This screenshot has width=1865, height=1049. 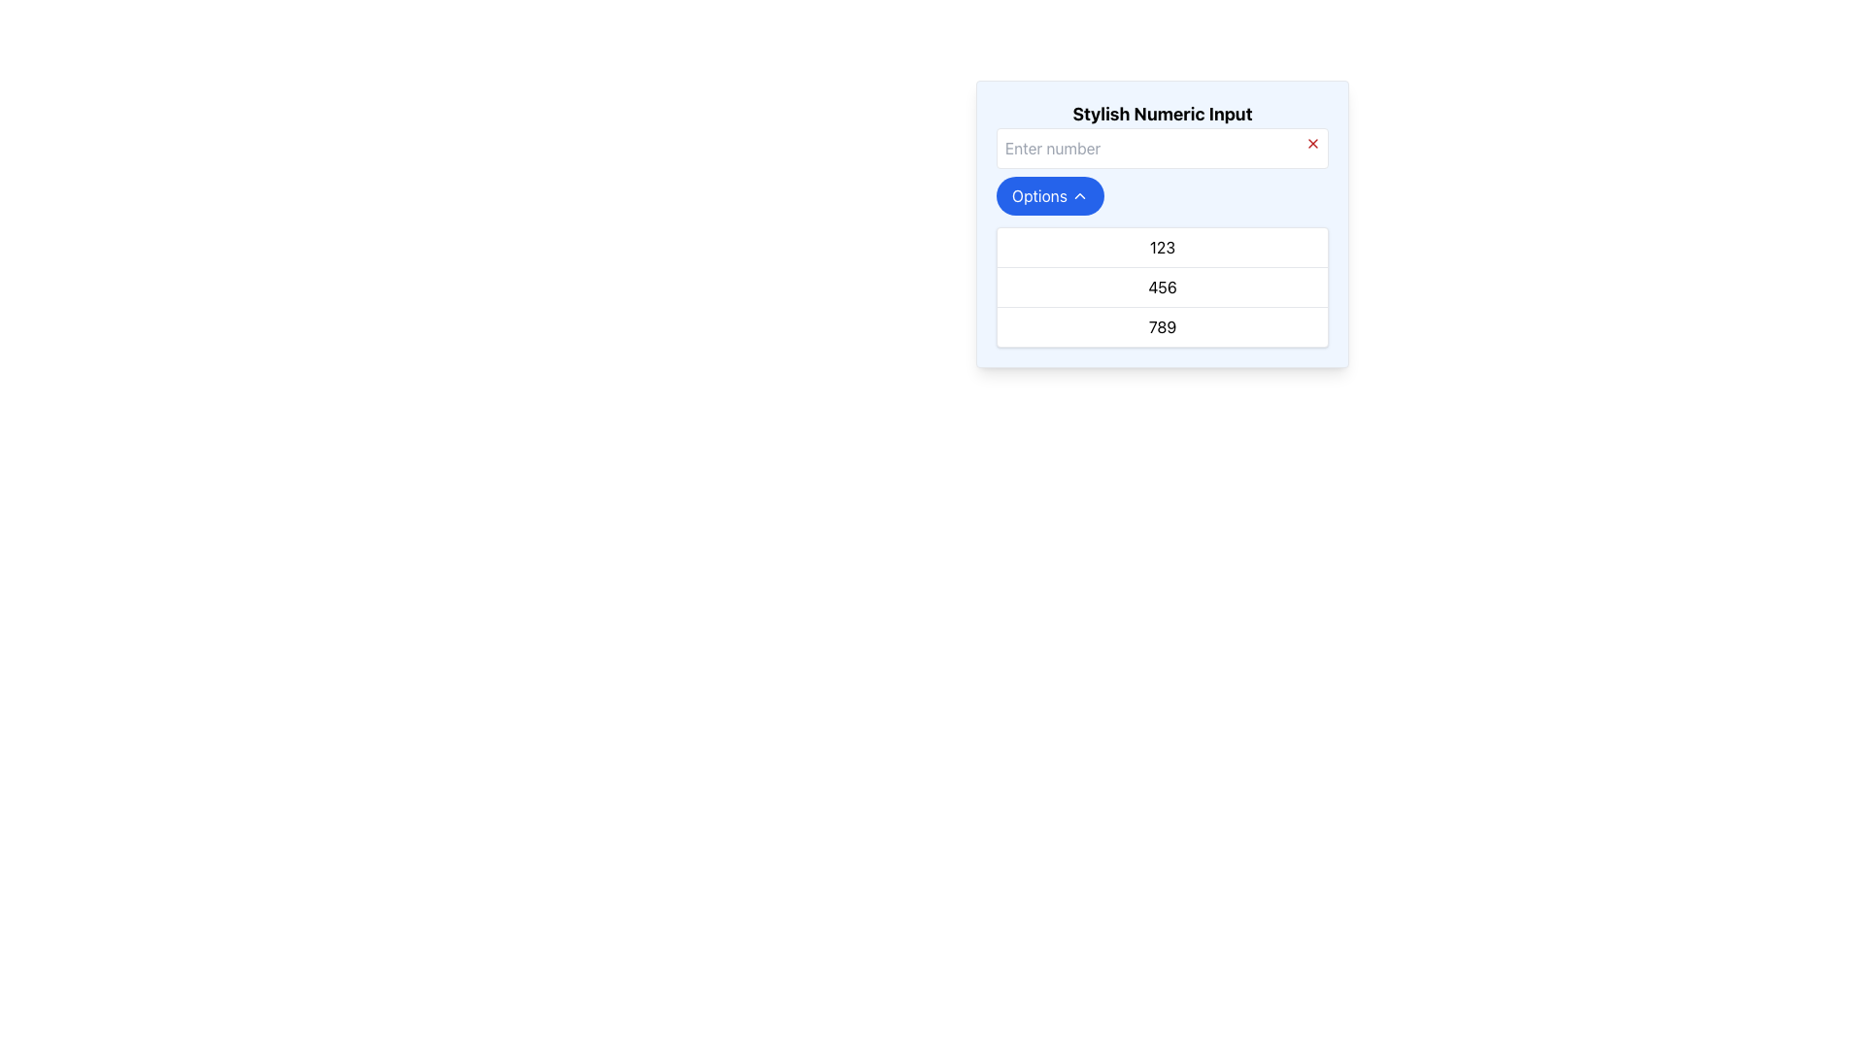 What do you see at coordinates (1162, 246) in the screenshot?
I see `to select the first list item '123' in the dropdown menu` at bounding box center [1162, 246].